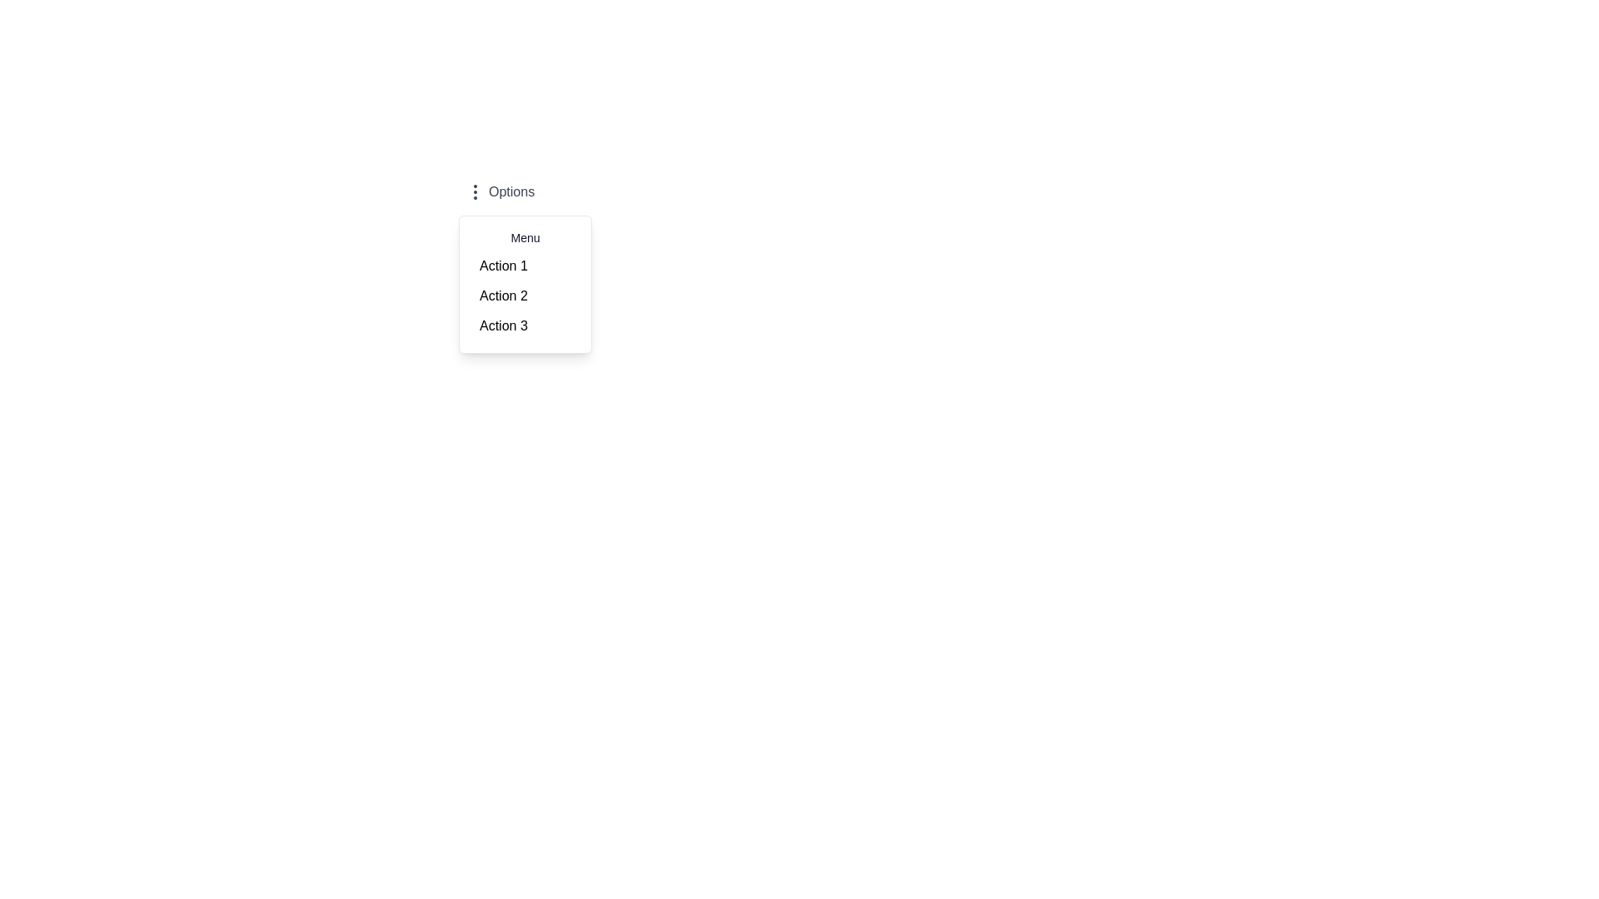  I want to click on the 'Options' button featuring a vertical ellipsis icon, so click(499, 191).